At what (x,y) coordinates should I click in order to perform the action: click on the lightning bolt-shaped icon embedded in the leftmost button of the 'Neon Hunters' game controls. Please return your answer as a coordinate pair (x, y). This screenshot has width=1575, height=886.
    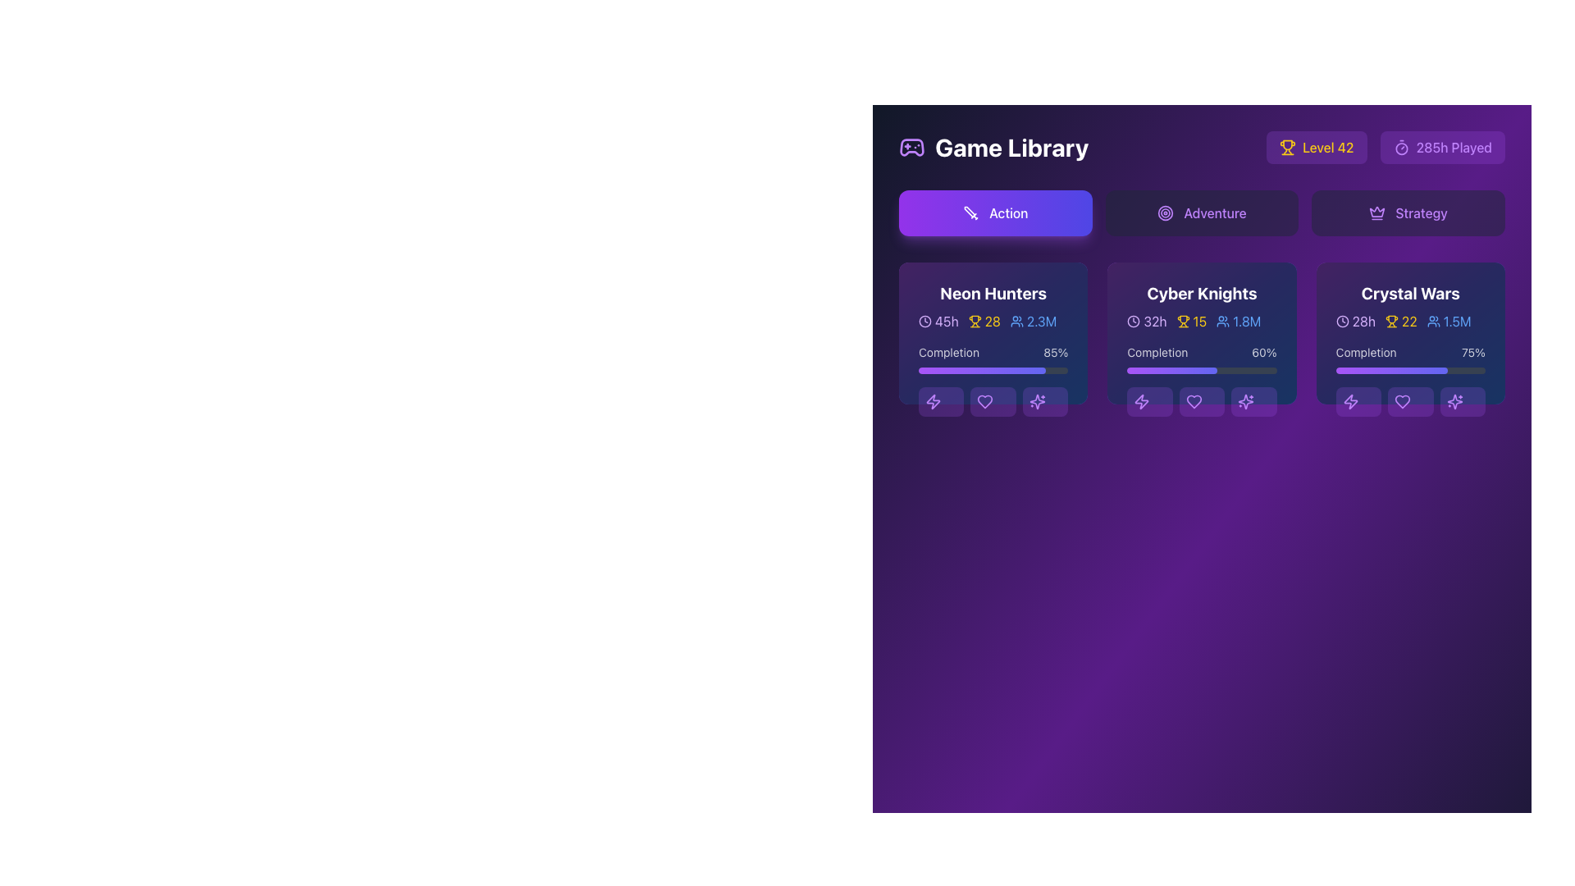
    Looking at the image, I should click on (933, 401).